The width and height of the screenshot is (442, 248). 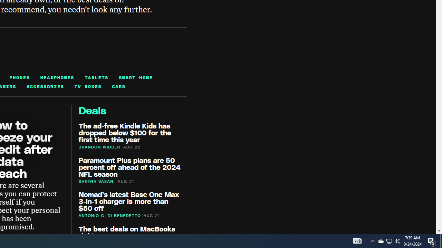 What do you see at coordinates (99, 146) in the screenshot?
I see `'BRANDON WIDDER'` at bounding box center [99, 146].